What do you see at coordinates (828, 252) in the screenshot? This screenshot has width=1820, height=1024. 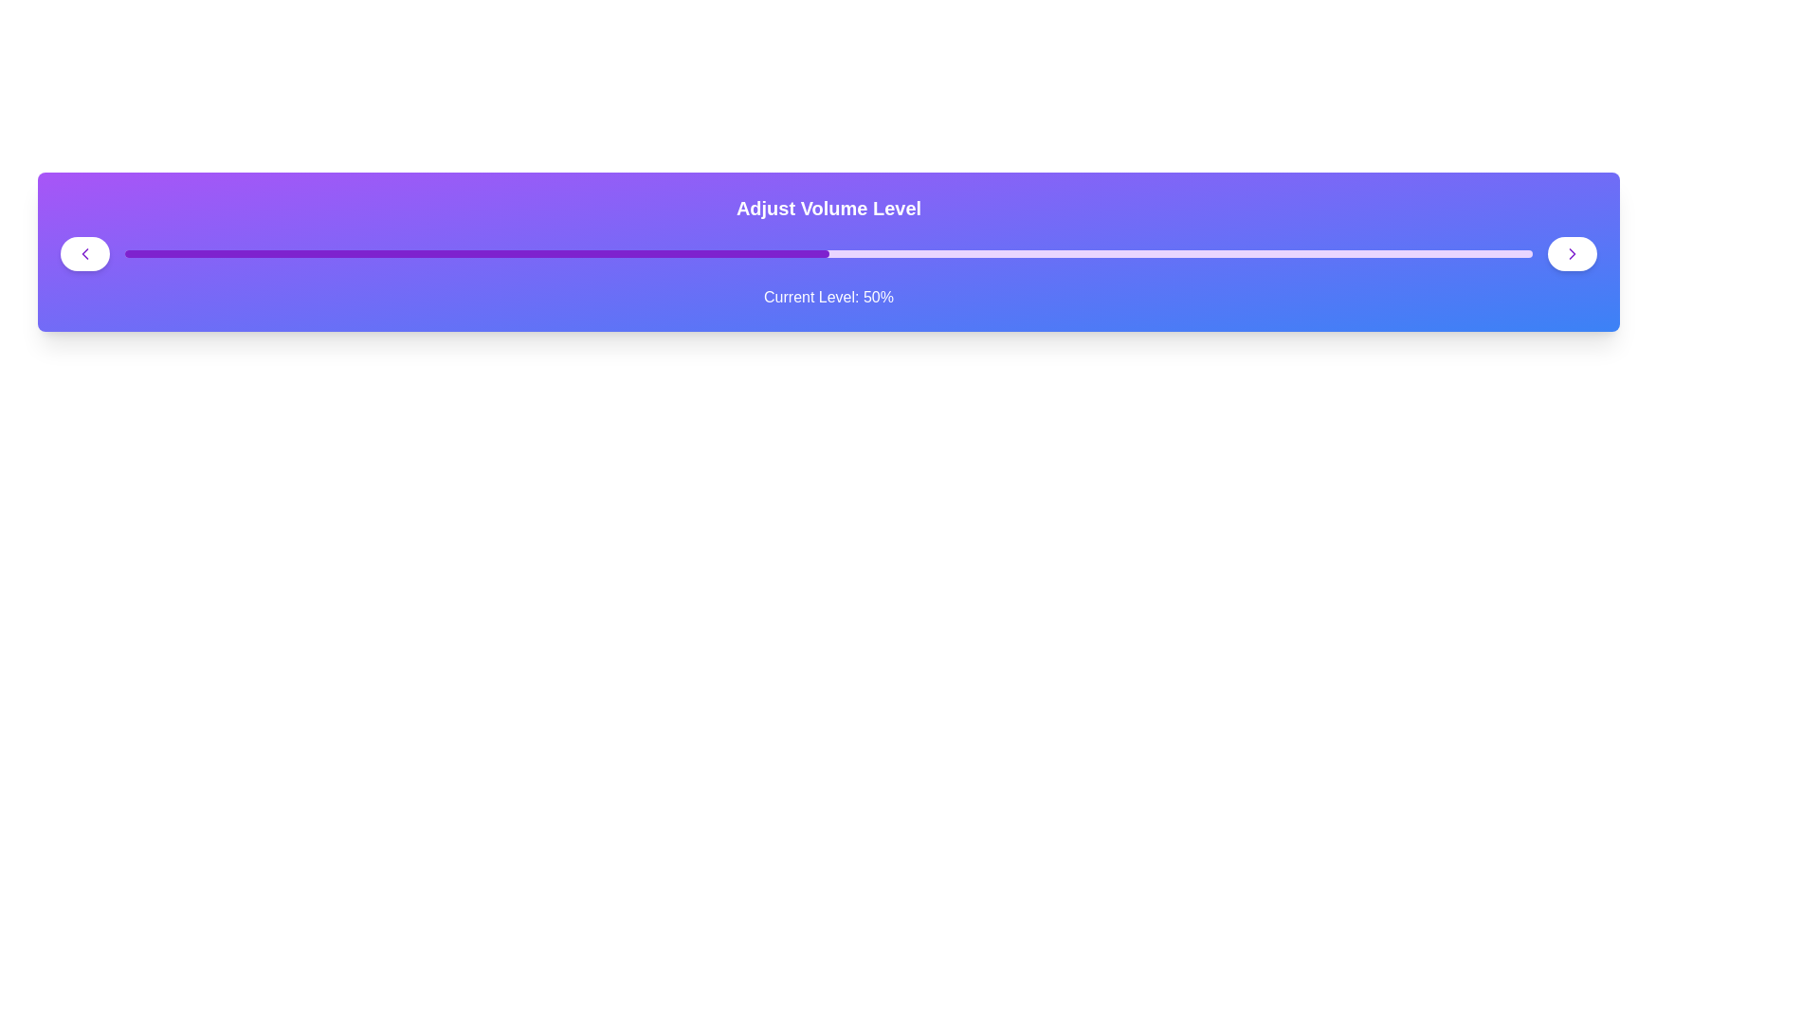 I see `the Progress indicator or volume level bar, which is a horizontally elongated bar with rounded ends and a light purple background, representing 50% completion` at bounding box center [828, 252].